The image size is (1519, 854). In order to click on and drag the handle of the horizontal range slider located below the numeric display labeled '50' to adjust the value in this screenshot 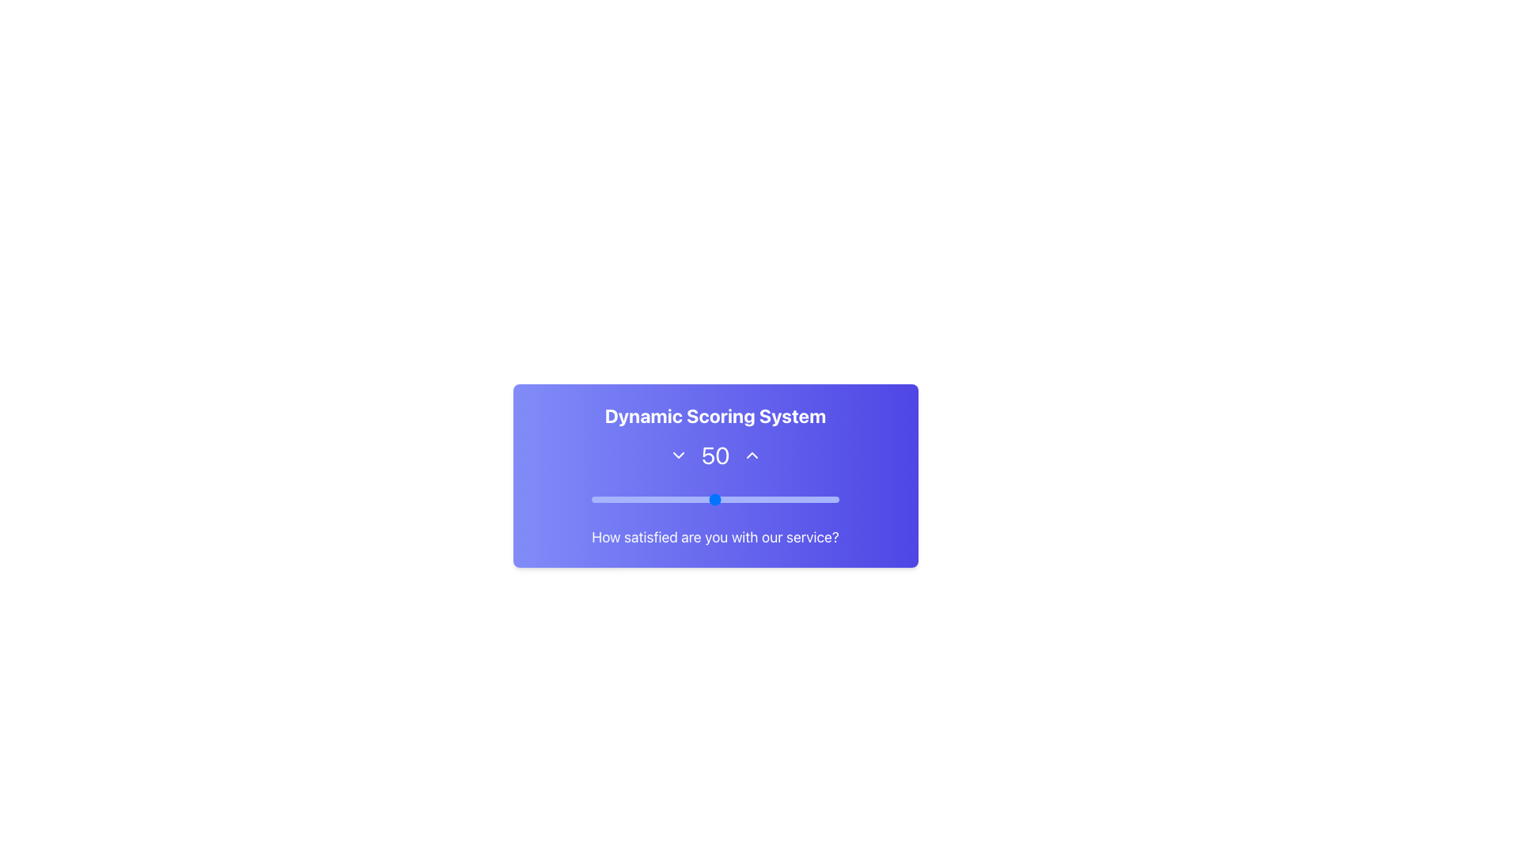, I will do `click(714, 500)`.